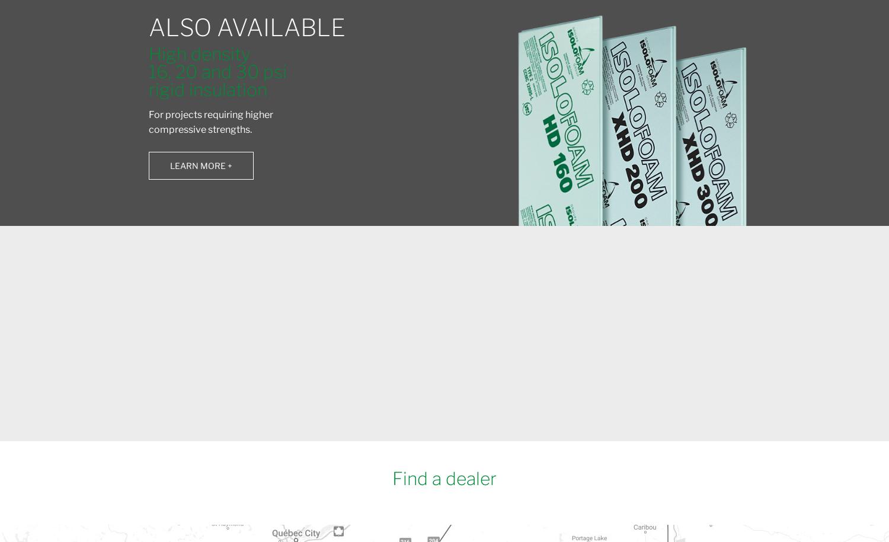 Image resolution: width=889 pixels, height=542 pixels. What do you see at coordinates (206, 88) in the screenshot?
I see `'rigid insulation'` at bounding box center [206, 88].